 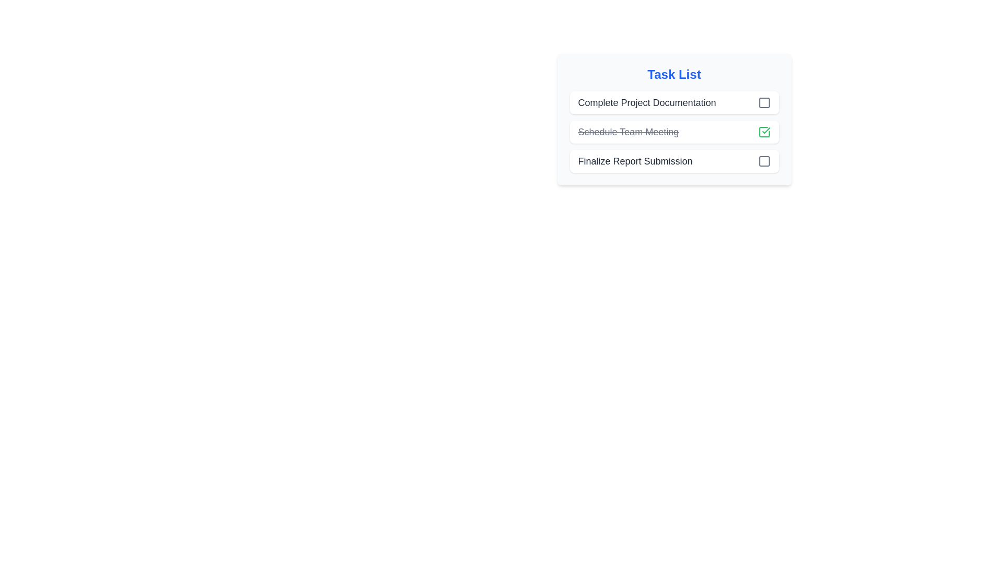 What do you see at coordinates (764, 102) in the screenshot?
I see `the checkbox-like interactive icon for the 'Complete Project Documentation' task` at bounding box center [764, 102].